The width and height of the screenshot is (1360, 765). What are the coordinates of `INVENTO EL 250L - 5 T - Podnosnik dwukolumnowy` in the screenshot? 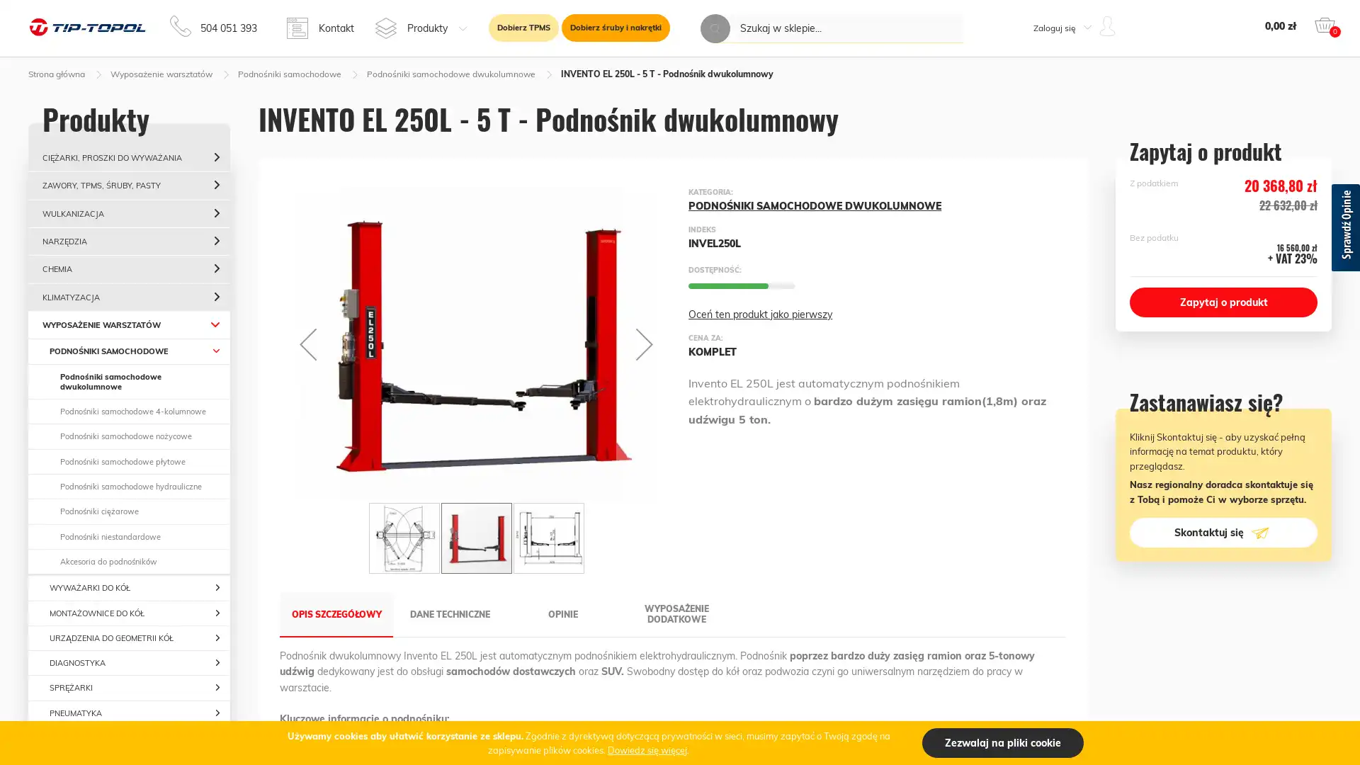 It's located at (404, 538).